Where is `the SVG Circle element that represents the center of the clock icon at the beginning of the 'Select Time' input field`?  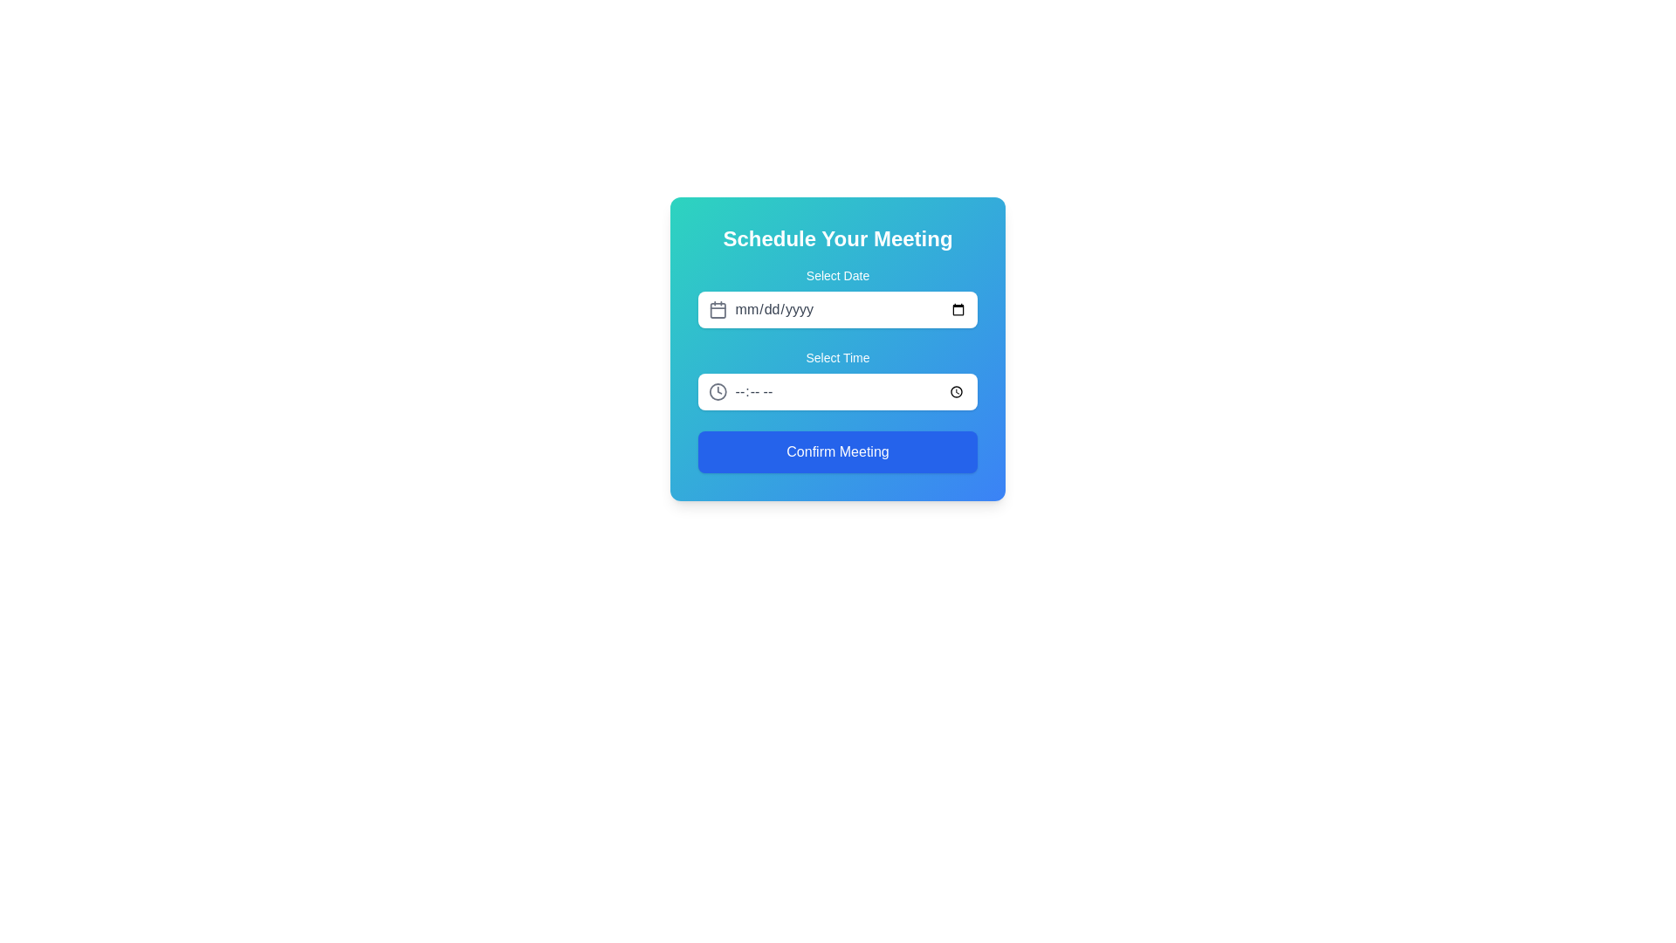
the SVG Circle element that represents the center of the clock icon at the beginning of the 'Select Time' input field is located at coordinates (718, 390).